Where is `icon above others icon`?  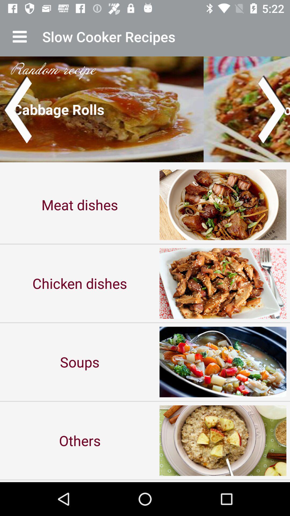
icon above others icon is located at coordinates (80, 362).